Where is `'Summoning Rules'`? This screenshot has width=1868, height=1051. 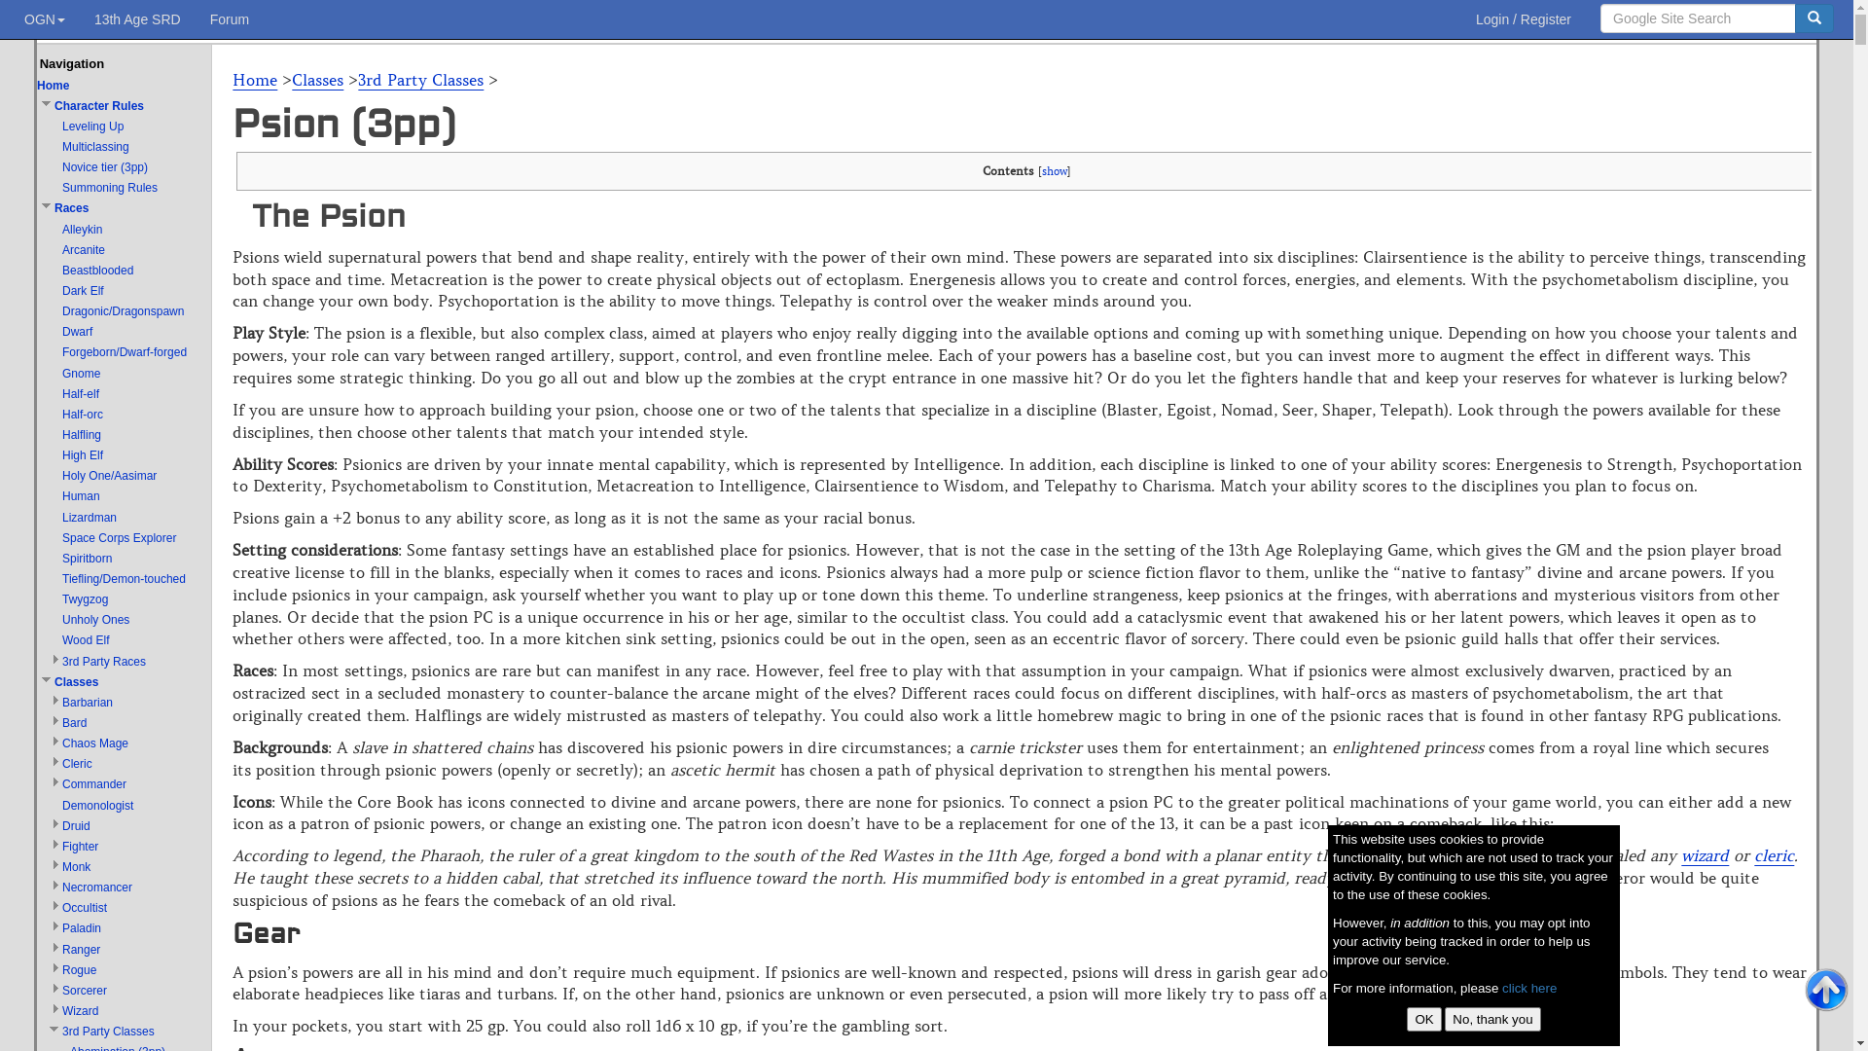
'Summoning Rules' is located at coordinates (109, 187).